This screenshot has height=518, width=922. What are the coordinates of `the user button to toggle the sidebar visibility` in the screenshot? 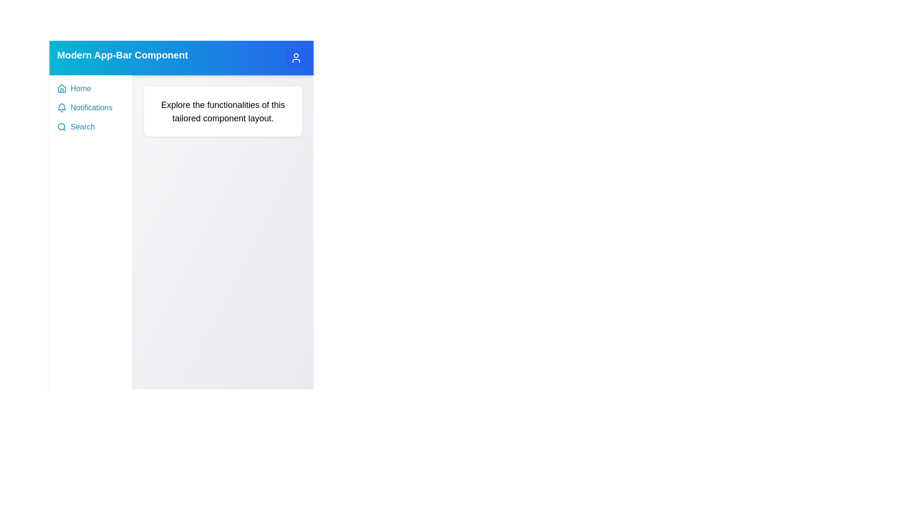 It's located at (296, 58).